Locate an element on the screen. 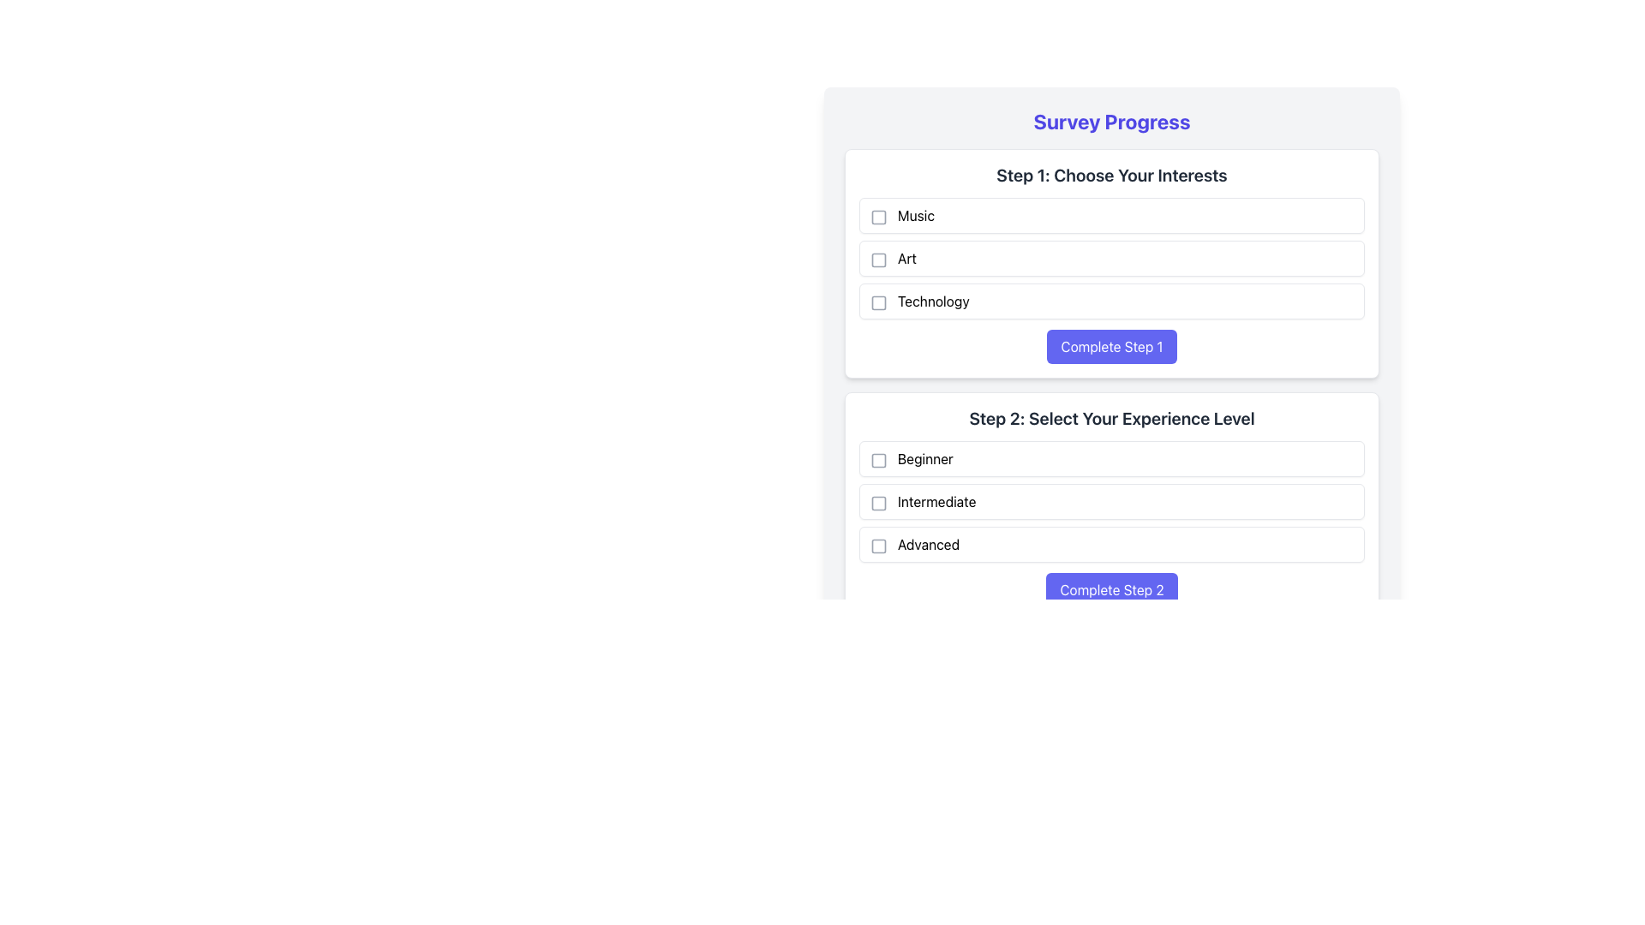  the Checkbox-like interactive element located to the left of the label text 'Intermediate' in the 'Step 2: Select Your Experience Level' section to interact with it is located at coordinates (879, 501).